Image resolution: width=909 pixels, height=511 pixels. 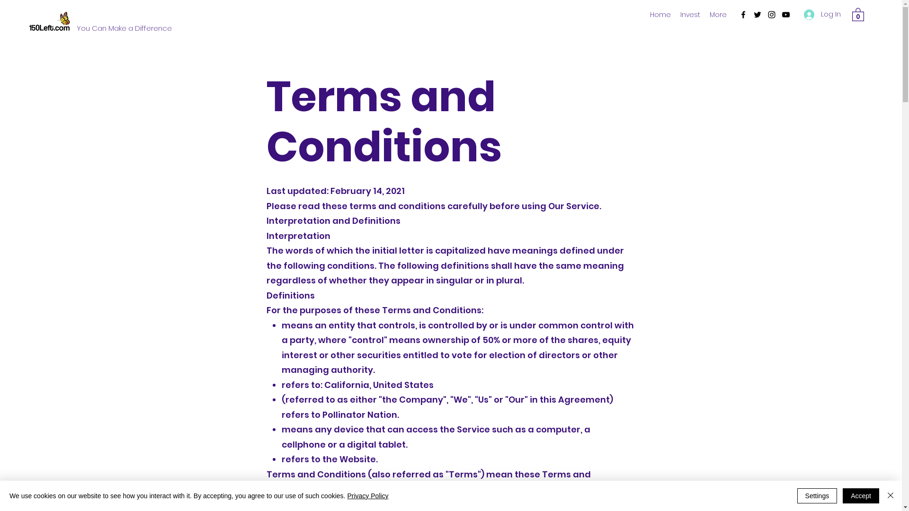 I want to click on '0', so click(x=858, y=14).